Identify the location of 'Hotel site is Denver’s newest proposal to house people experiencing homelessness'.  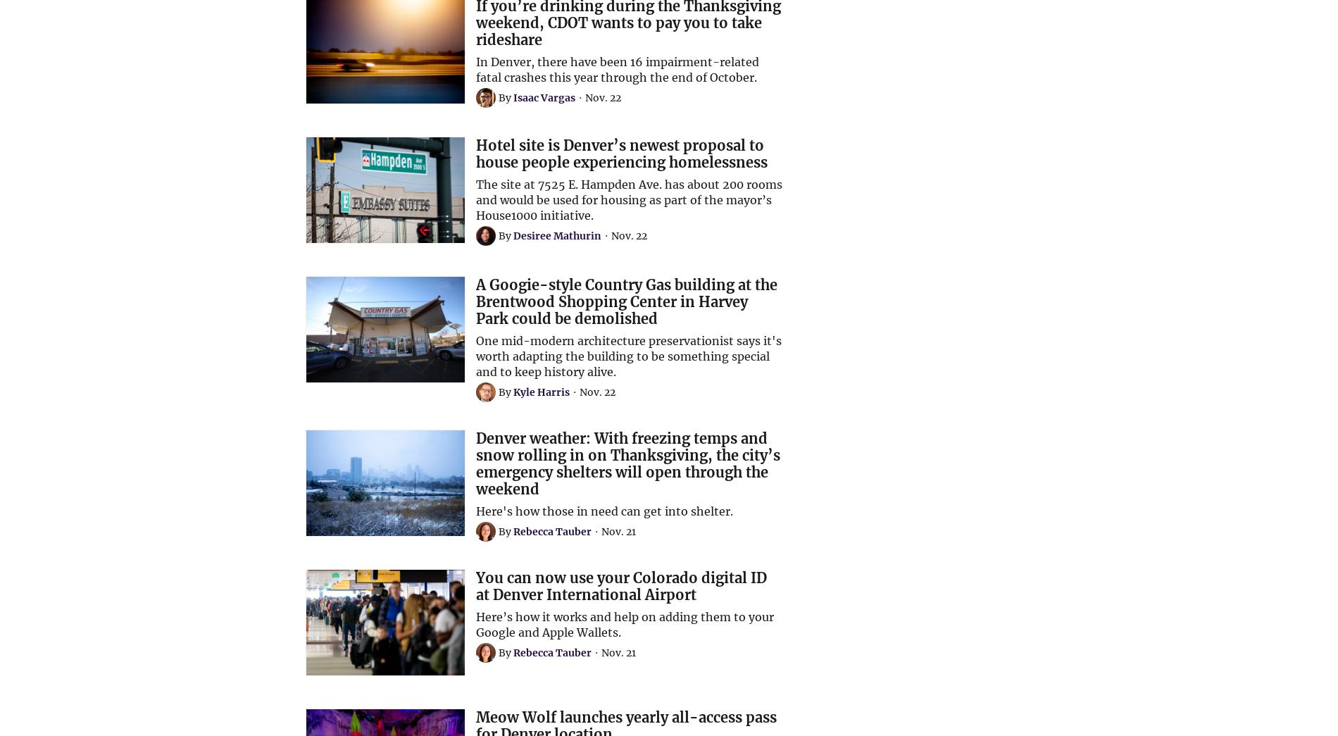
(620, 154).